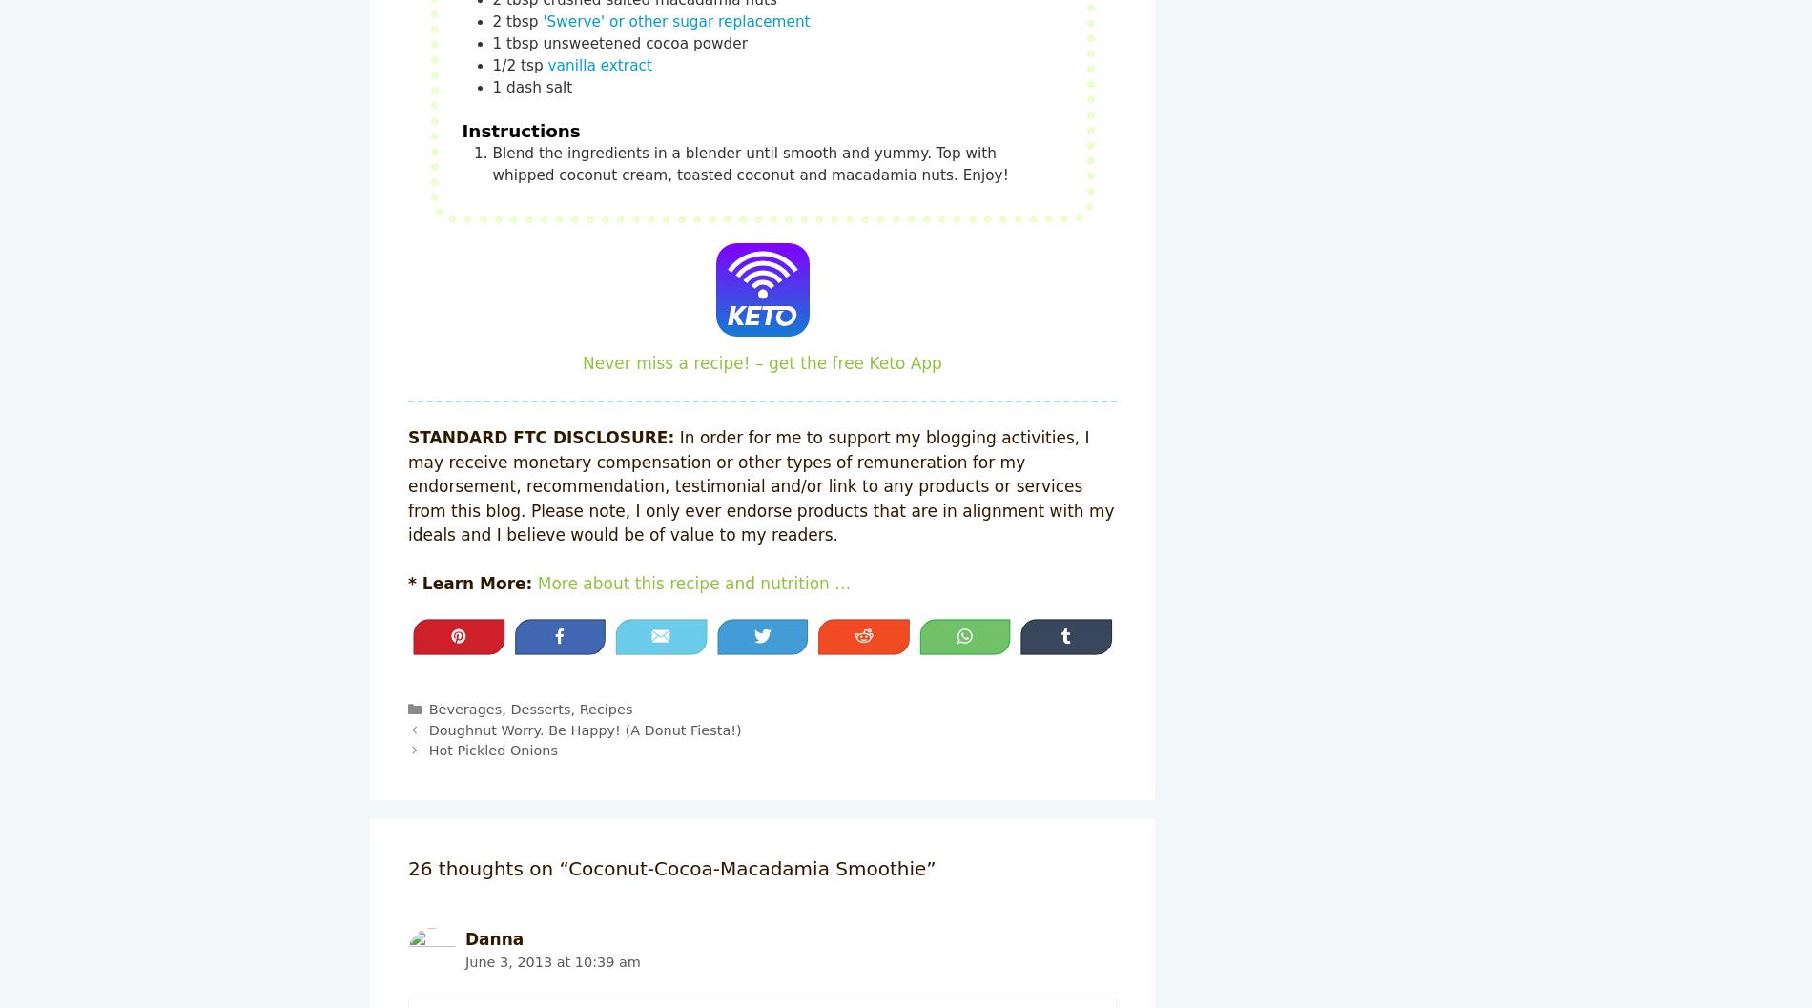 This screenshot has width=1812, height=1008. Describe the element at coordinates (760, 486) in the screenshot. I see `'In order for me to support my blogging activities, I may receive monetary compensation or other types of remuneration for my endorsement, recommendation, testimonial and/or link to any products or services from this blog. Please note, I only ever endorse products that are in alignment with my ideals and I believe would be of value to my readers.'` at that location.